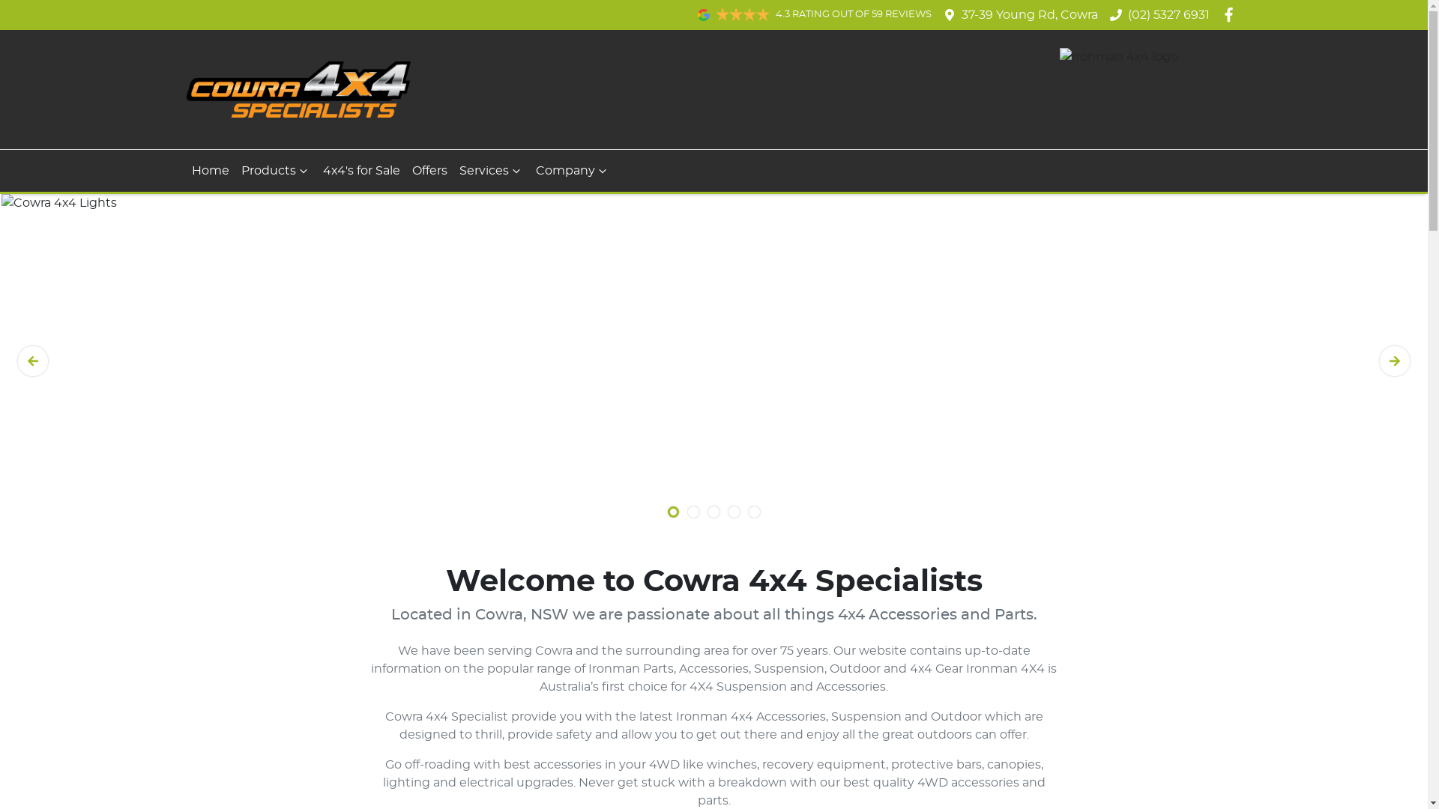  Describe the element at coordinates (234, 169) in the screenshot. I see `'Products'` at that location.